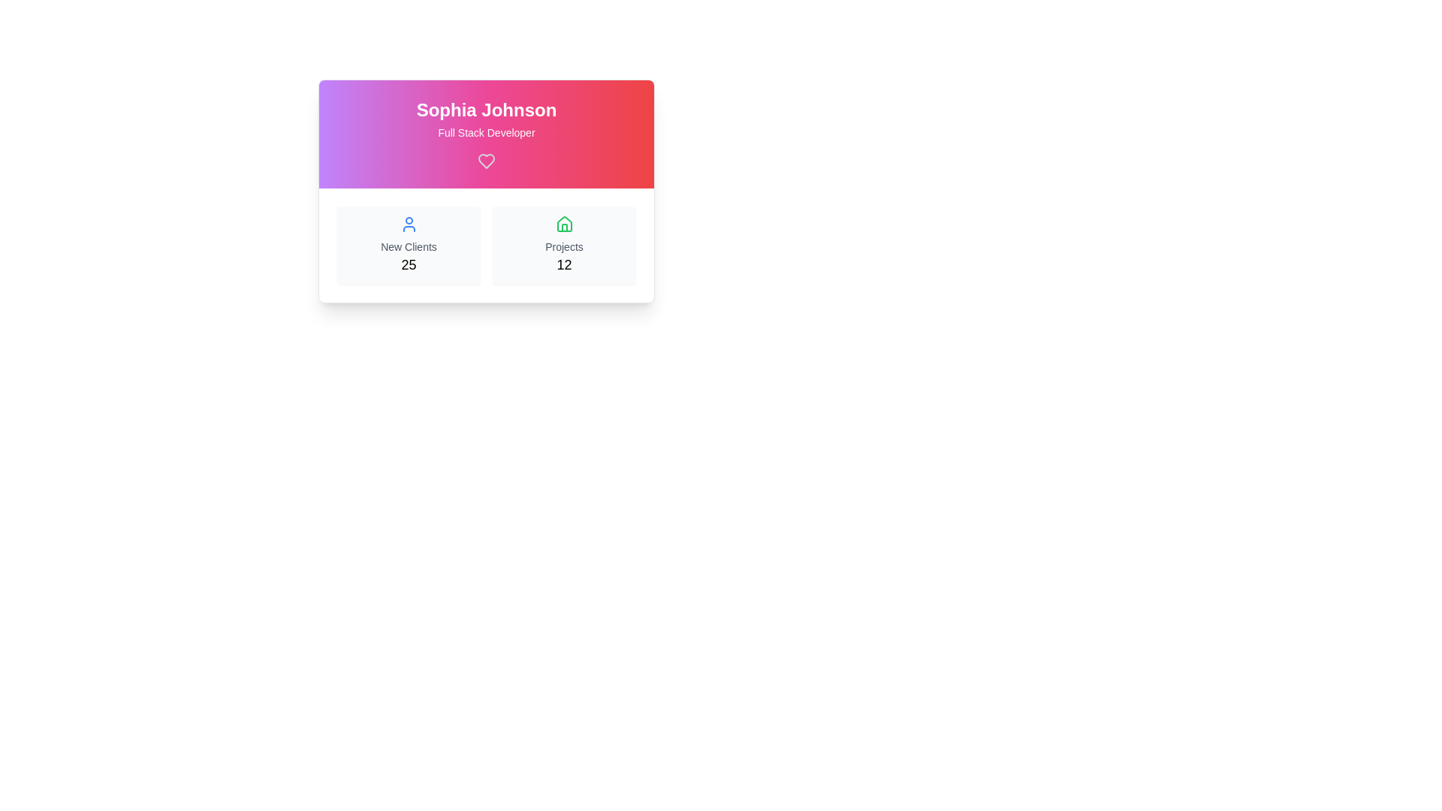 Image resolution: width=1442 pixels, height=811 pixels. Describe the element at coordinates (487, 132) in the screenshot. I see `the Text Label indicating the profession or role associated with 'Sophia Johnson', which is located directly beneath her name` at that location.